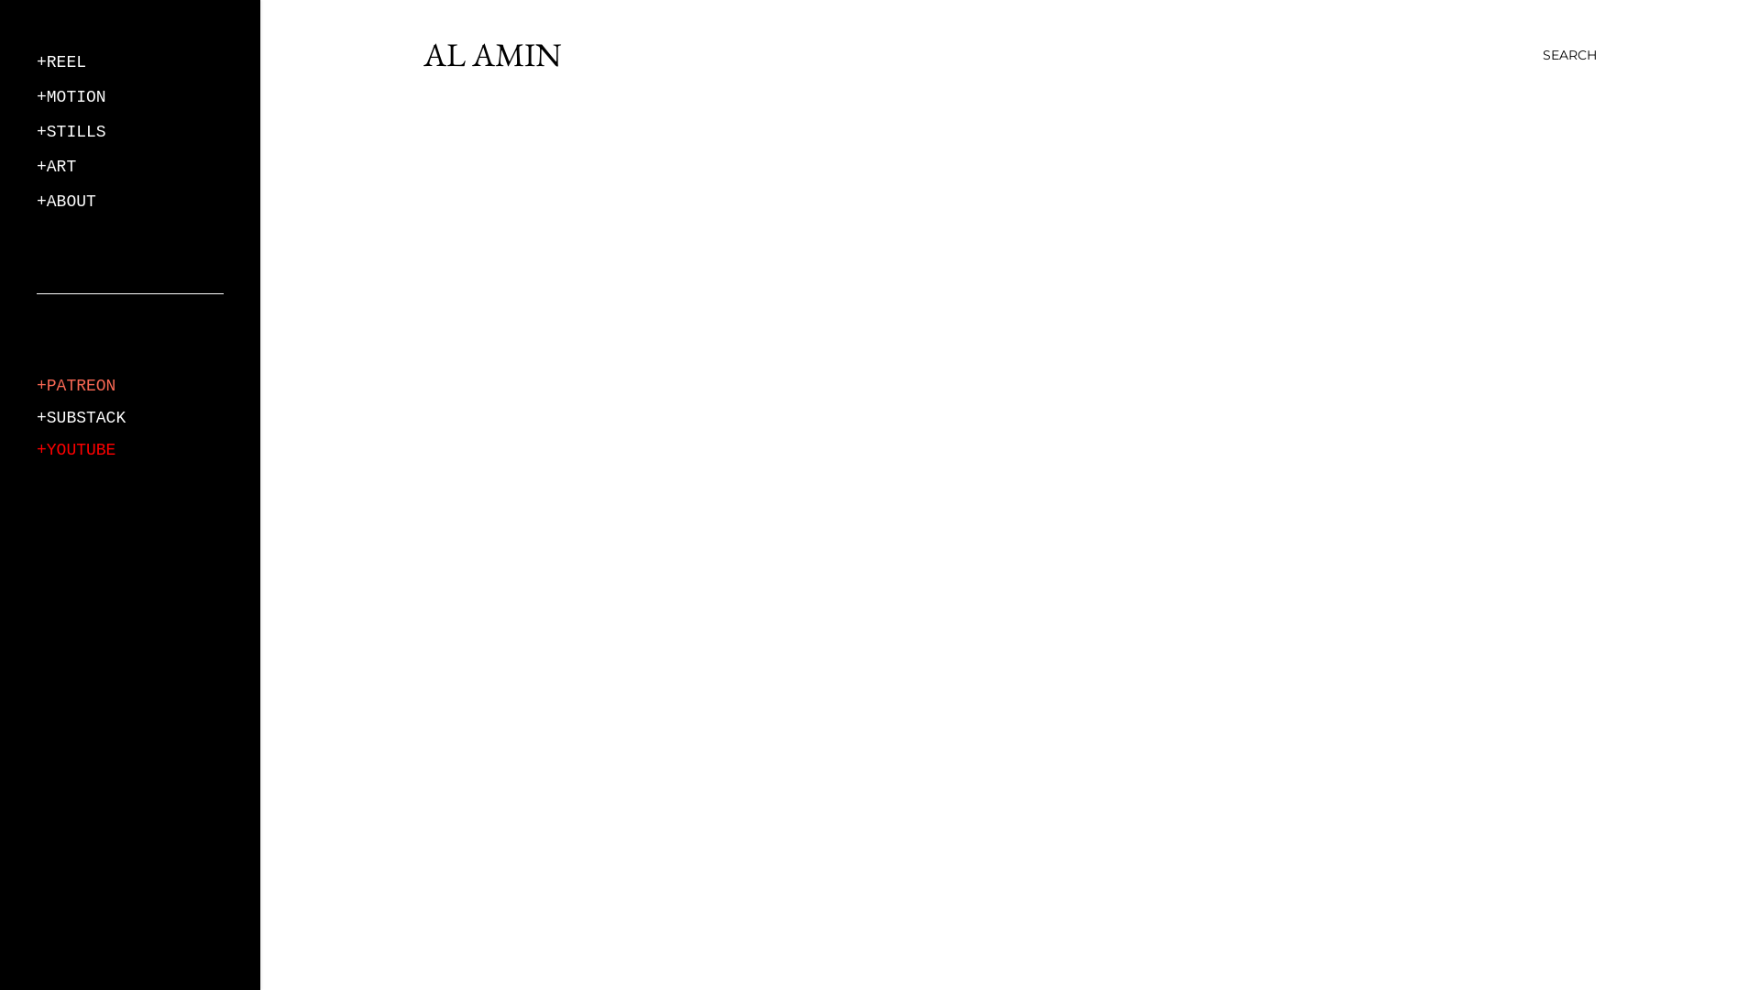 This screenshot has width=1760, height=990. I want to click on '+ABOUT', so click(36, 201).